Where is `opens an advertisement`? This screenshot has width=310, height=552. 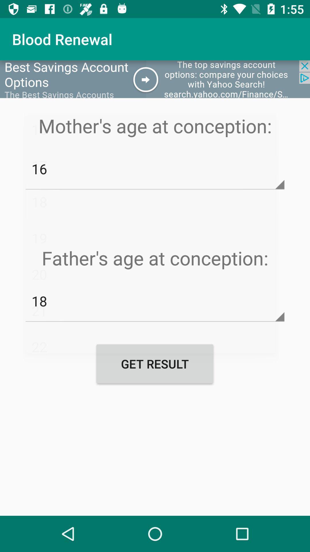 opens an advertisement is located at coordinates (155, 79).